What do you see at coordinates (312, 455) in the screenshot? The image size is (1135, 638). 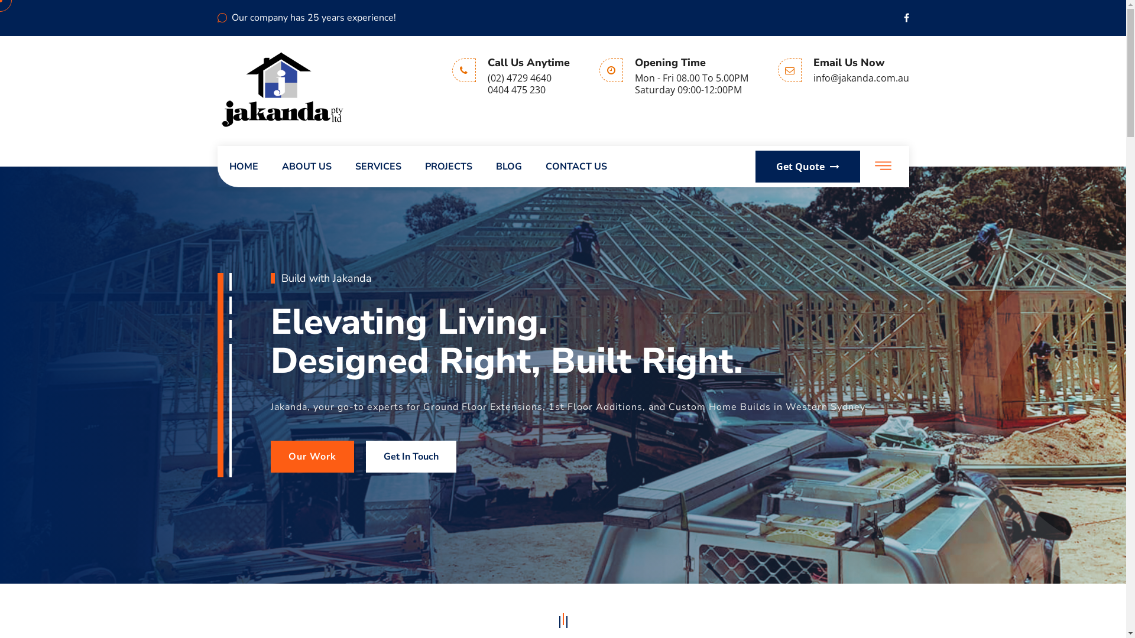 I see `'Our Work'` at bounding box center [312, 455].